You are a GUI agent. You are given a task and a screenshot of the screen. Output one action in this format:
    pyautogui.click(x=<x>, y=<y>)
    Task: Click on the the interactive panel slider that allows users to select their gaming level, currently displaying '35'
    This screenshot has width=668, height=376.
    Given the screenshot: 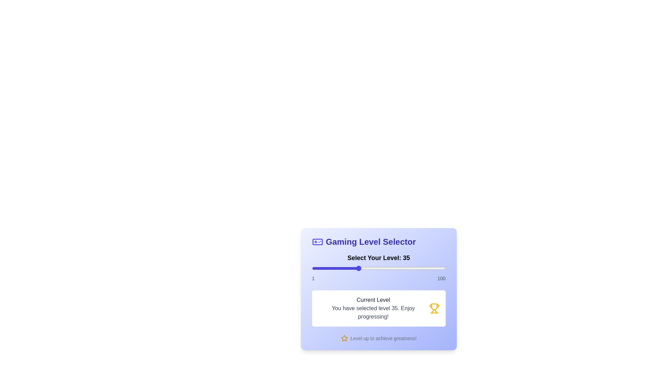 What is the action you would take?
    pyautogui.click(x=378, y=287)
    